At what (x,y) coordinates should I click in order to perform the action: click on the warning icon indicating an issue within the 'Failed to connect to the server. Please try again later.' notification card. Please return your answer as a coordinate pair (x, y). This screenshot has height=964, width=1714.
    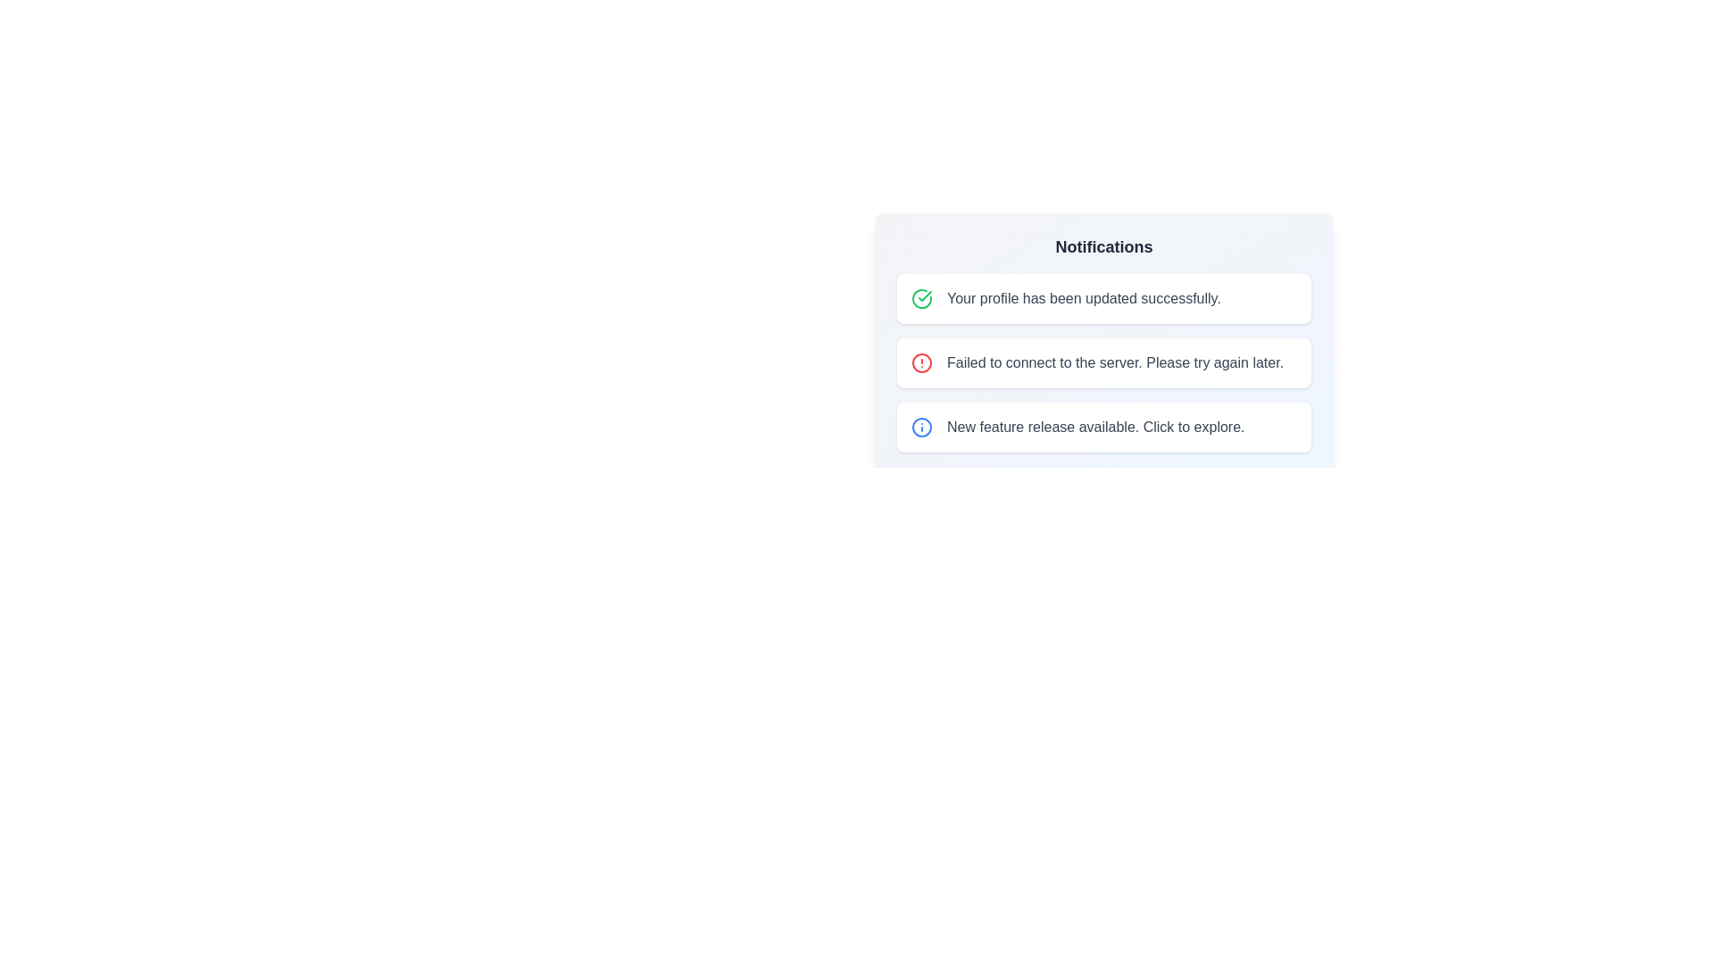
    Looking at the image, I should click on (921, 362).